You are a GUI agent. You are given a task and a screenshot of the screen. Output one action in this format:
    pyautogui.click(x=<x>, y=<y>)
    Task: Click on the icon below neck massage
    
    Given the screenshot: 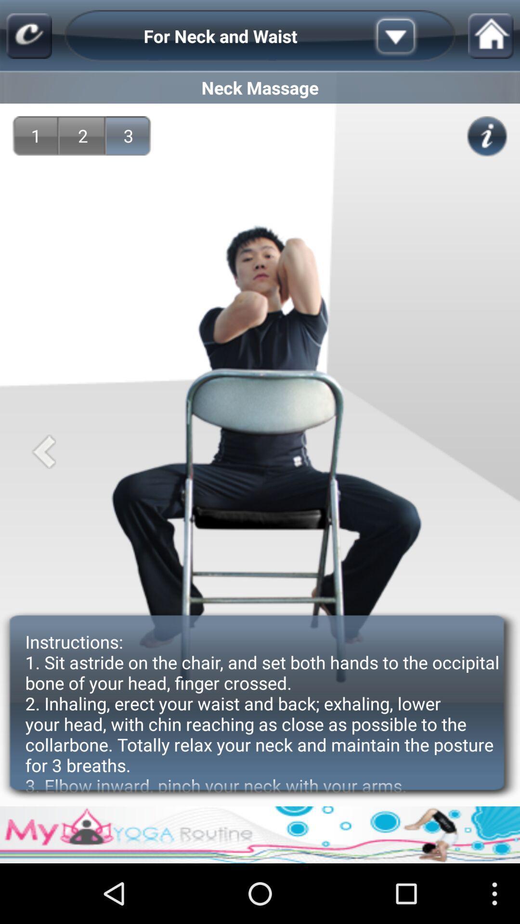 What is the action you would take?
    pyautogui.click(x=128, y=135)
    